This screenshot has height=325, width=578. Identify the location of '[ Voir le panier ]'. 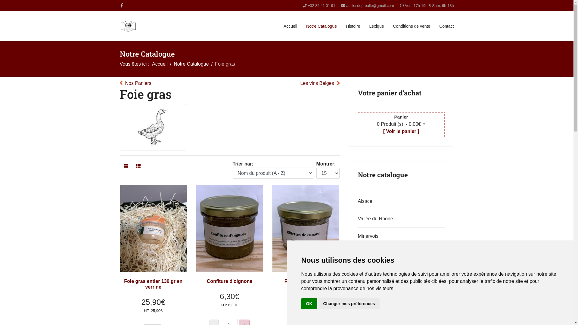
(383, 131).